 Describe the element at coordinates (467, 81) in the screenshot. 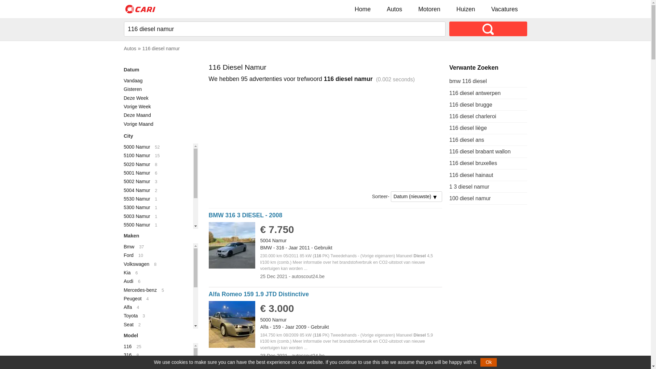

I see `'bmw 116 diesel'` at that location.